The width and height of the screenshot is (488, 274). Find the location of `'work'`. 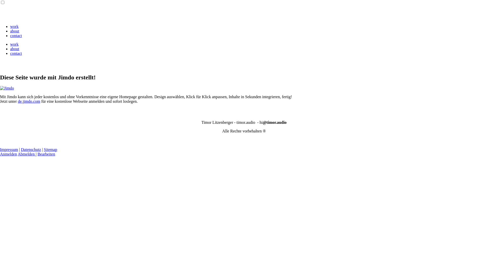

'work' is located at coordinates (14, 44).